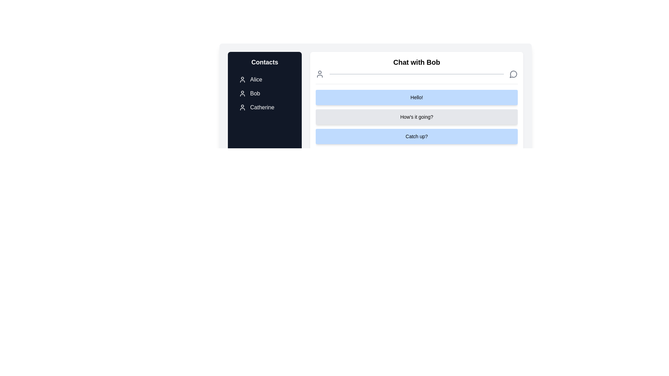 Image resolution: width=669 pixels, height=376 pixels. I want to click on the List Item labeled 'Bob' in the 'Contacts' list, so click(264, 93).